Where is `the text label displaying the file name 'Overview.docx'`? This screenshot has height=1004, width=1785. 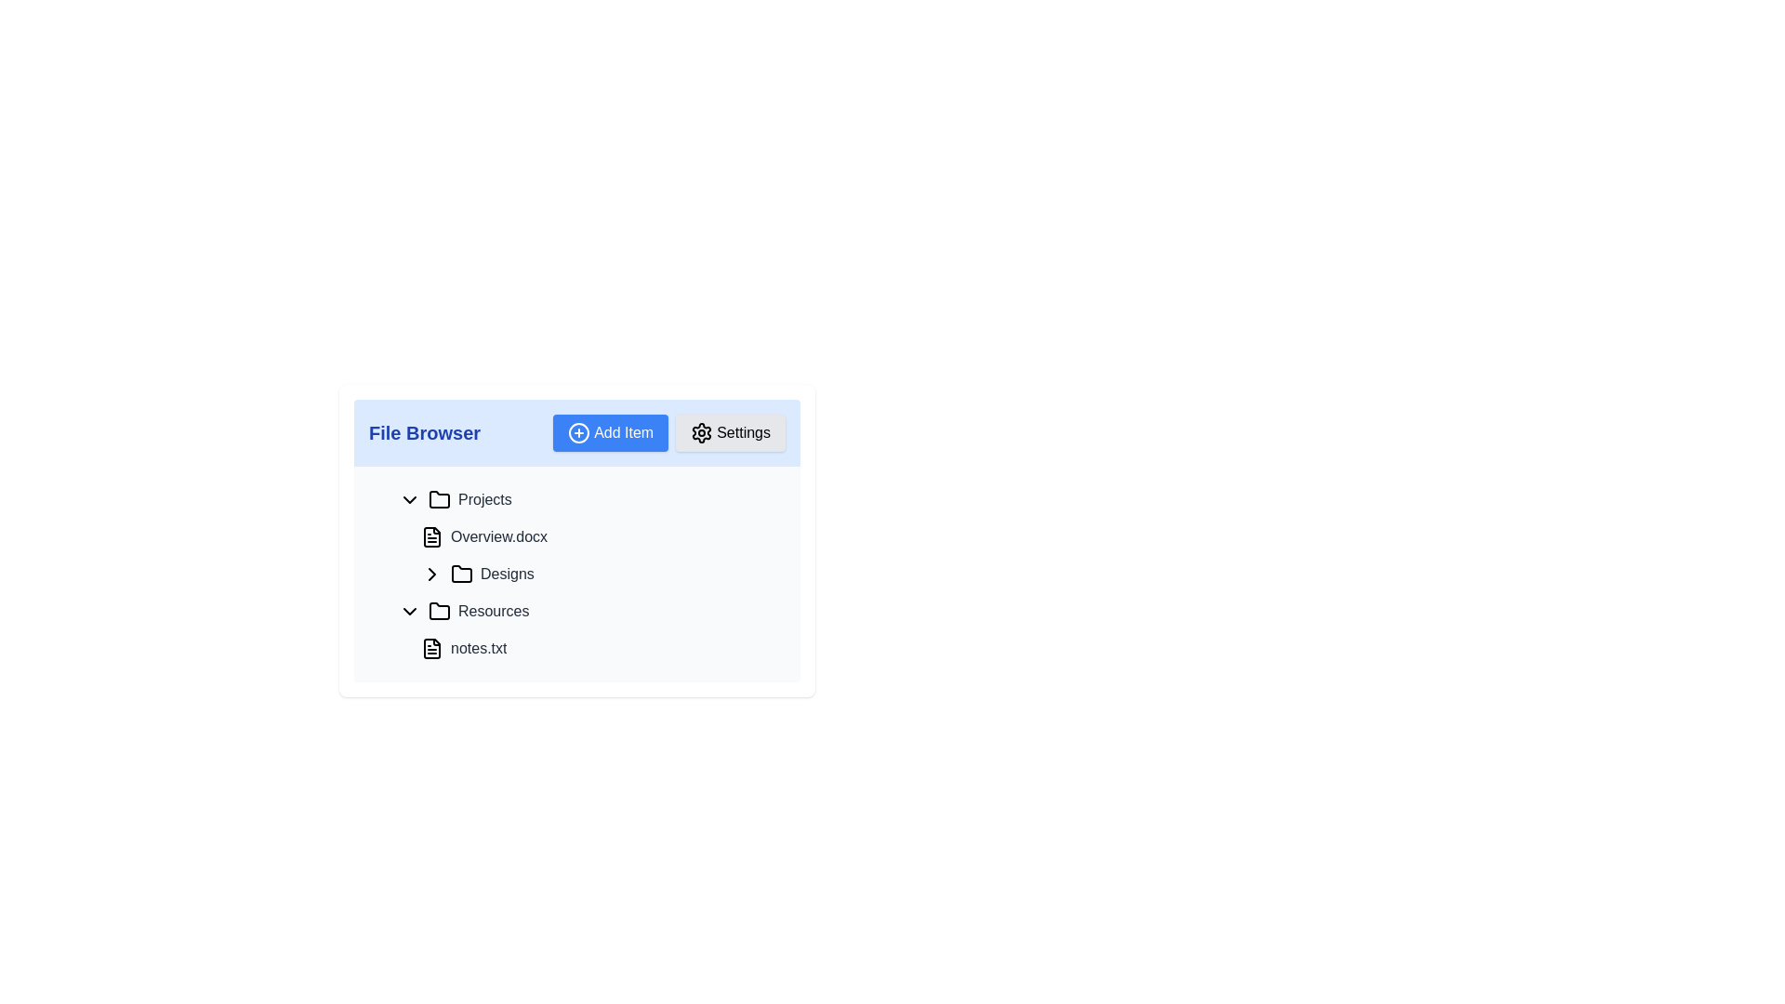 the text label displaying the file name 'Overview.docx' is located at coordinates (499, 537).